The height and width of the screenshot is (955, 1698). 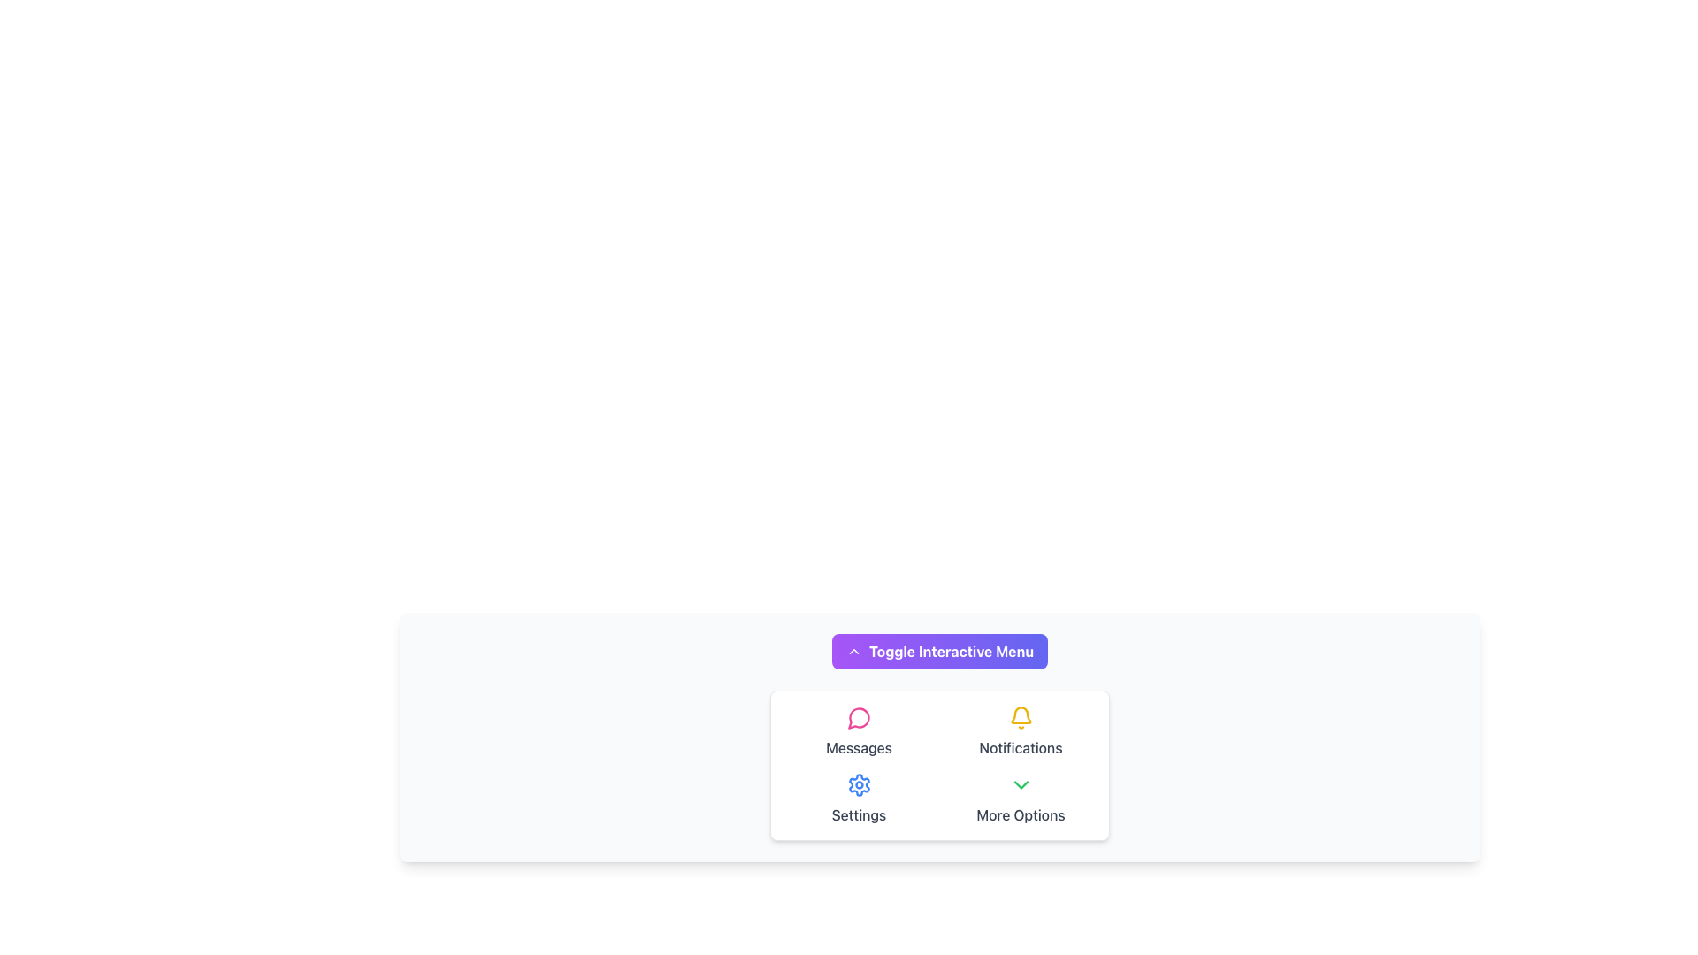 What do you see at coordinates (1021, 783) in the screenshot?
I see `the green chevron down icon above the 'More Options' label` at bounding box center [1021, 783].